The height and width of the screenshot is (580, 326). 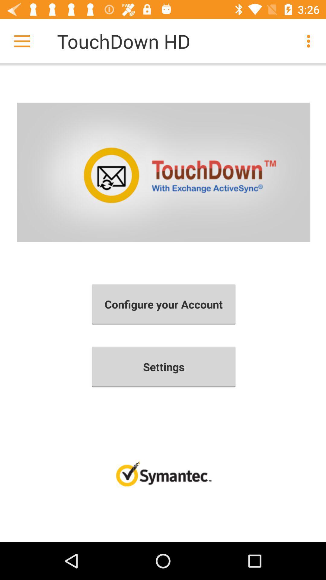 What do you see at coordinates (310, 41) in the screenshot?
I see `item to the right of touchdown hd` at bounding box center [310, 41].